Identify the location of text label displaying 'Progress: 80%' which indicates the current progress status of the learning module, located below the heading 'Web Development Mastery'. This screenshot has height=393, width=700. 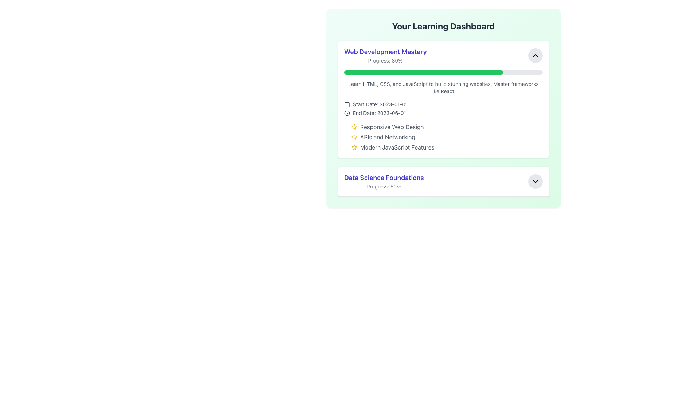
(385, 60).